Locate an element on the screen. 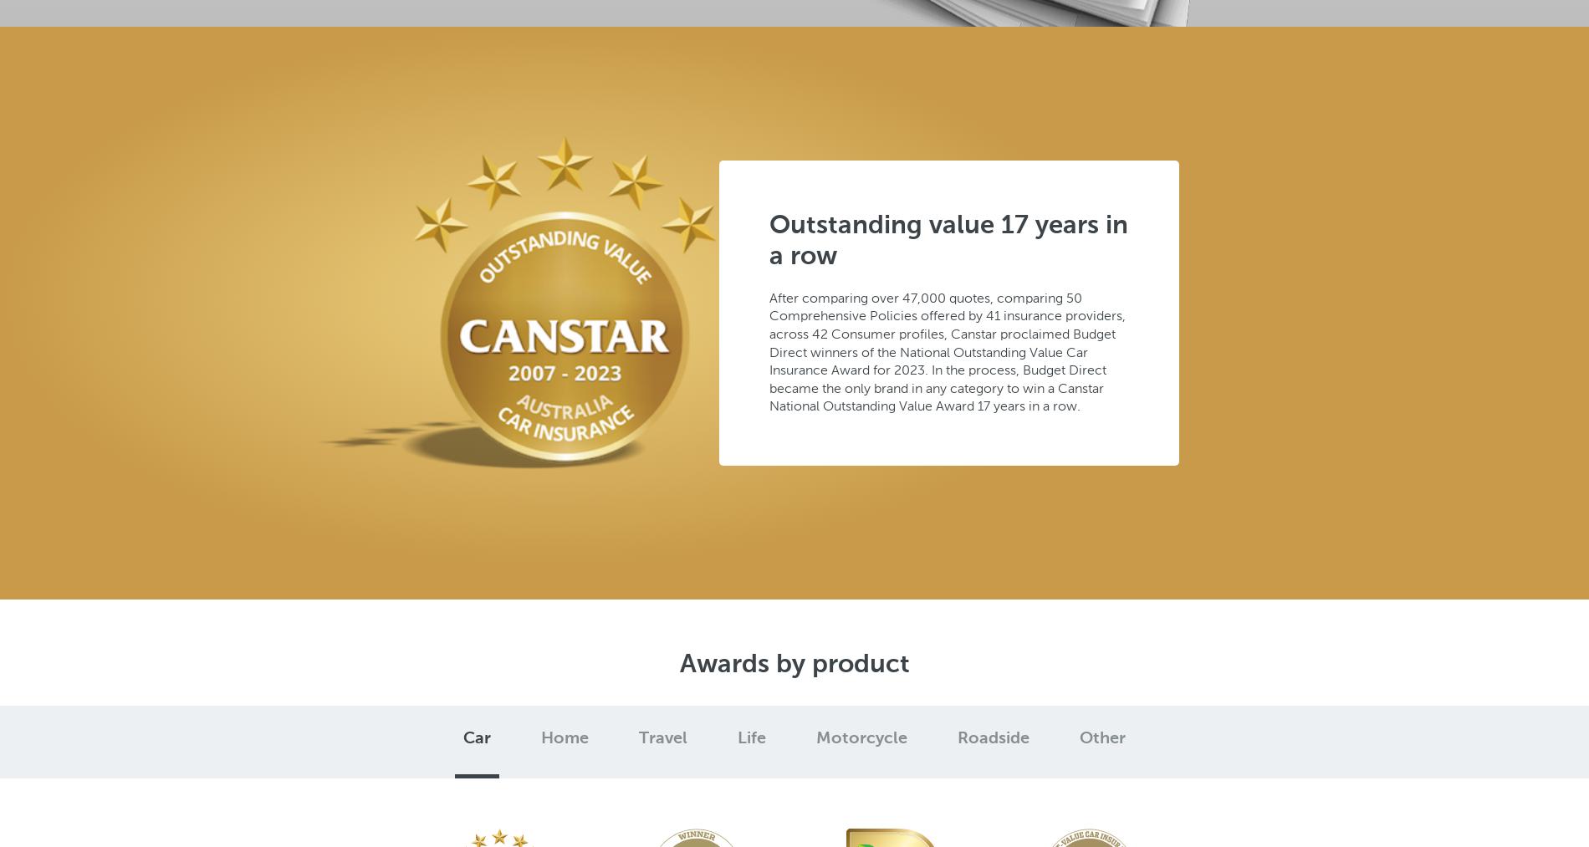 Image resolution: width=1589 pixels, height=847 pixels. 'Motorcycle' is located at coordinates (861, 737).